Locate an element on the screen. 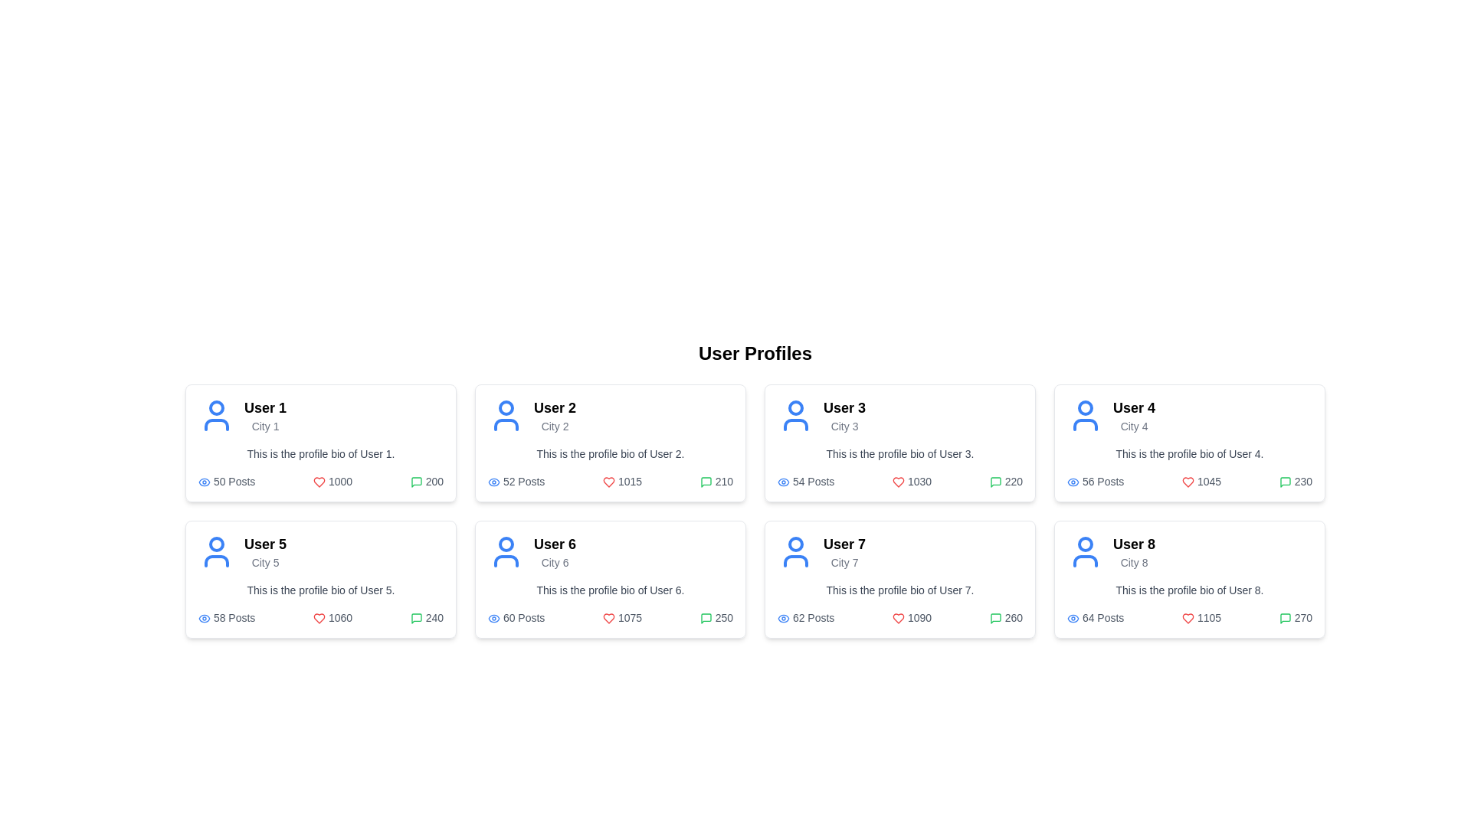 Image resolution: width=1471 pixels, height=827 pixels. the heart icon indicating the like count for 'User 5', which is located next to the number 1060 in the lower section of the user card is located at coordinates (319, 618).